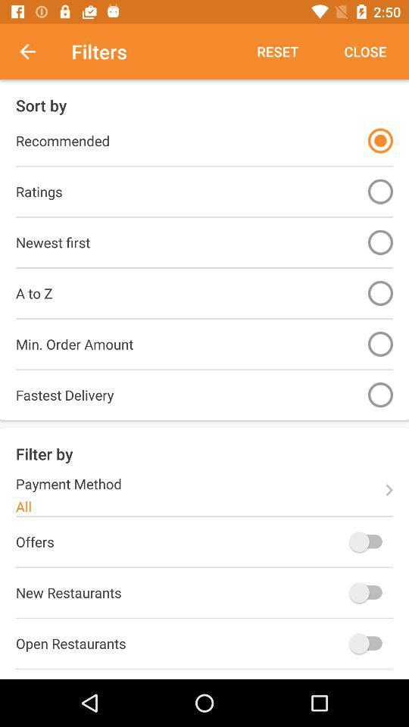  What do you see at coordinates (36, 51) in the screenshot?
I see `item to the left of filters item` at bounding box center [36, 51].